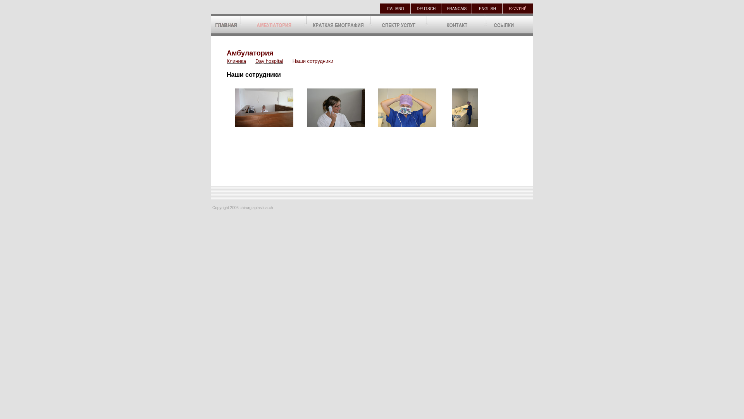 Image resolution: width=744 pixels, height=419 pixels. Describe the element at coordinates (487, 8) in the screenshot. I see `'ENGLISH'` at that location.